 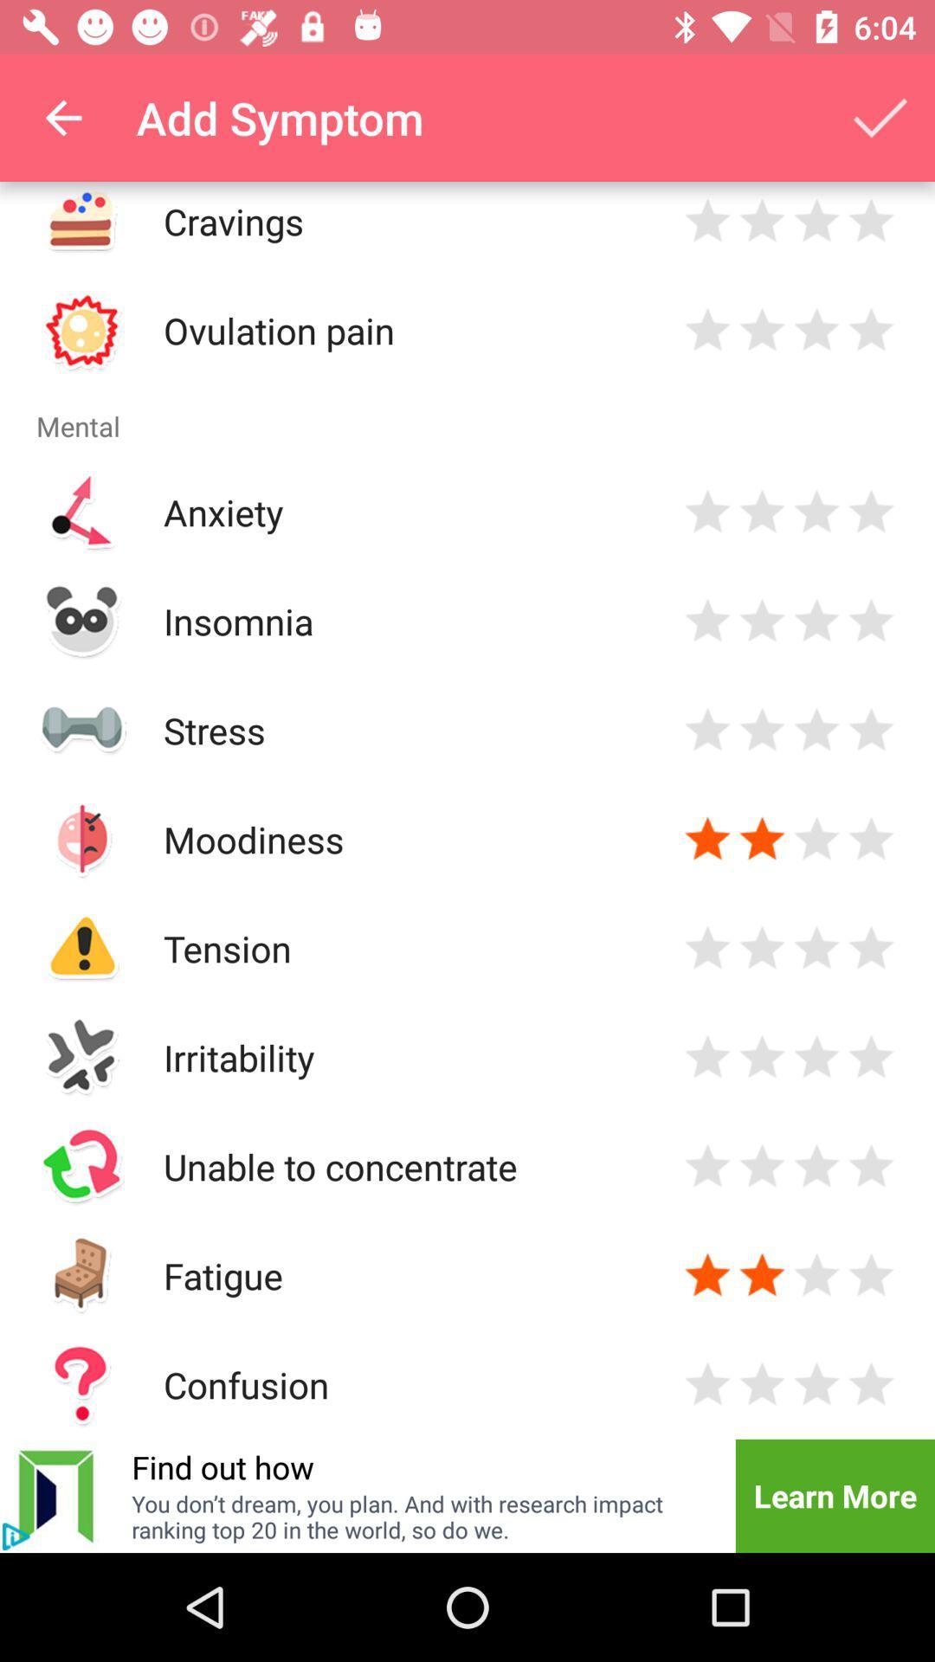 I want to click on give insomnia four stars, so click(x=871, y=621).